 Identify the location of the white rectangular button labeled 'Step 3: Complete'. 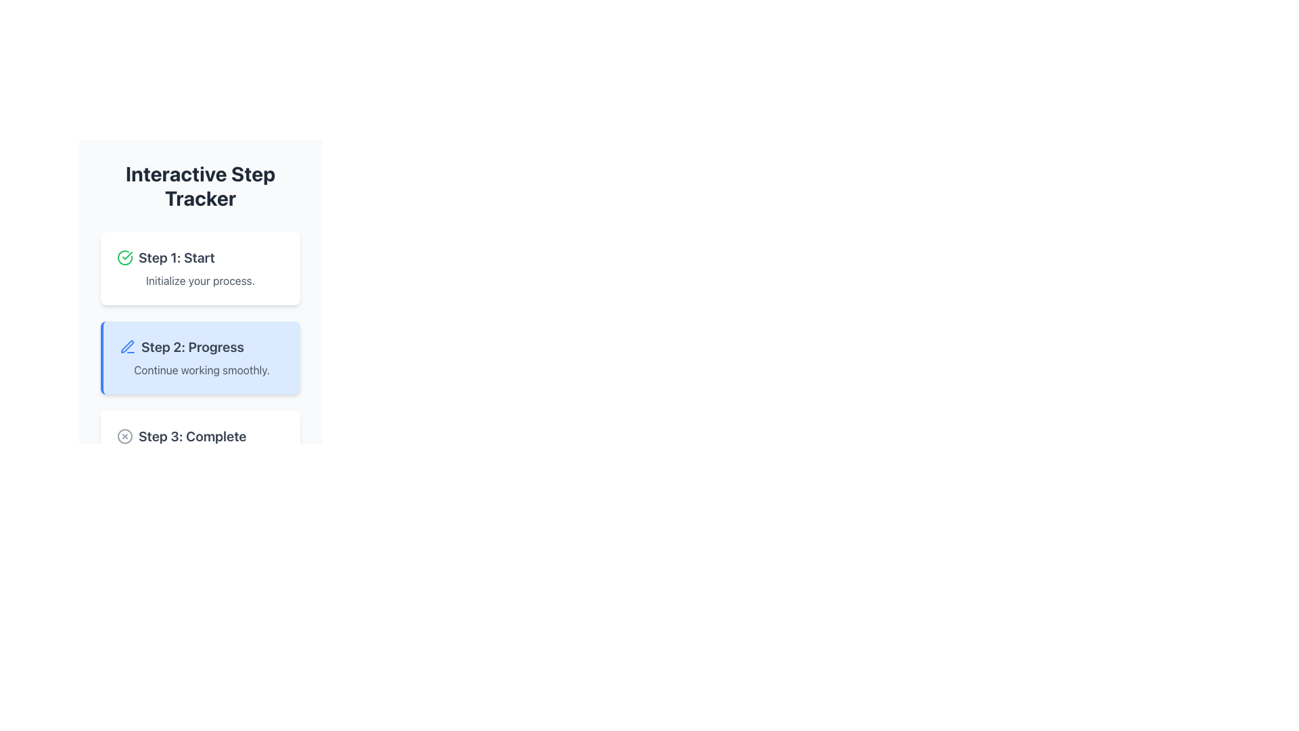
(200, 447).